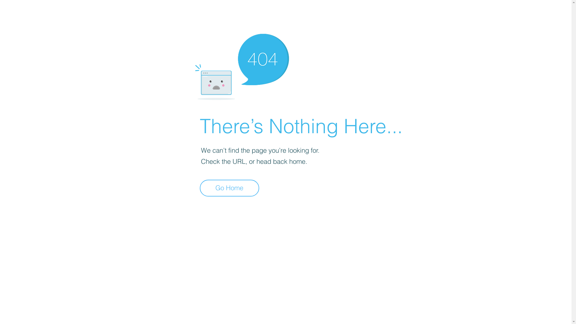 The width and height of the screenshot is (576, 324). What do you see at coordinates (200, 188) in the screenshot?
I see `'Go Home'` at bounding box center [200, 188].